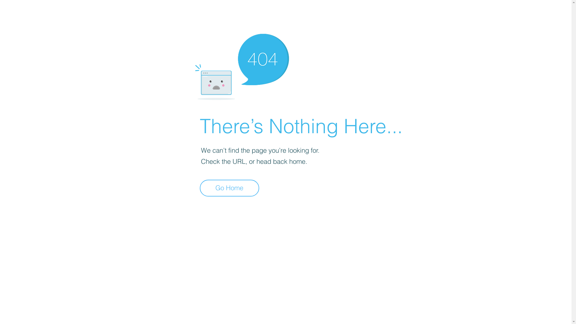 The width and height of the screenshot is (576, 324). What do you see at coordinates (200, 188) in the screenshot?
I see `'Go Home'` at bounding box center [200, 188].